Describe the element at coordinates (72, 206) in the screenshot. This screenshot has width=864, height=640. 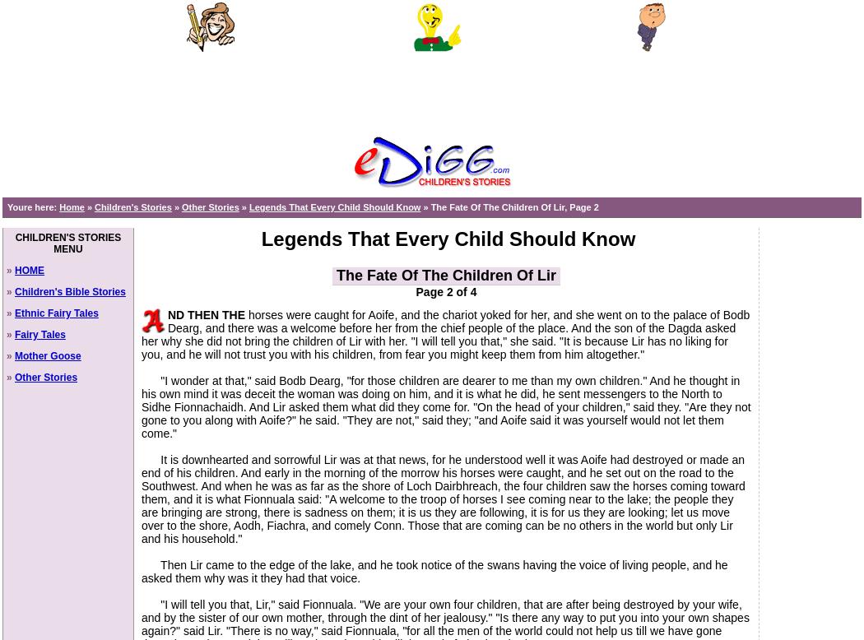
I see `'Home'` at that location.